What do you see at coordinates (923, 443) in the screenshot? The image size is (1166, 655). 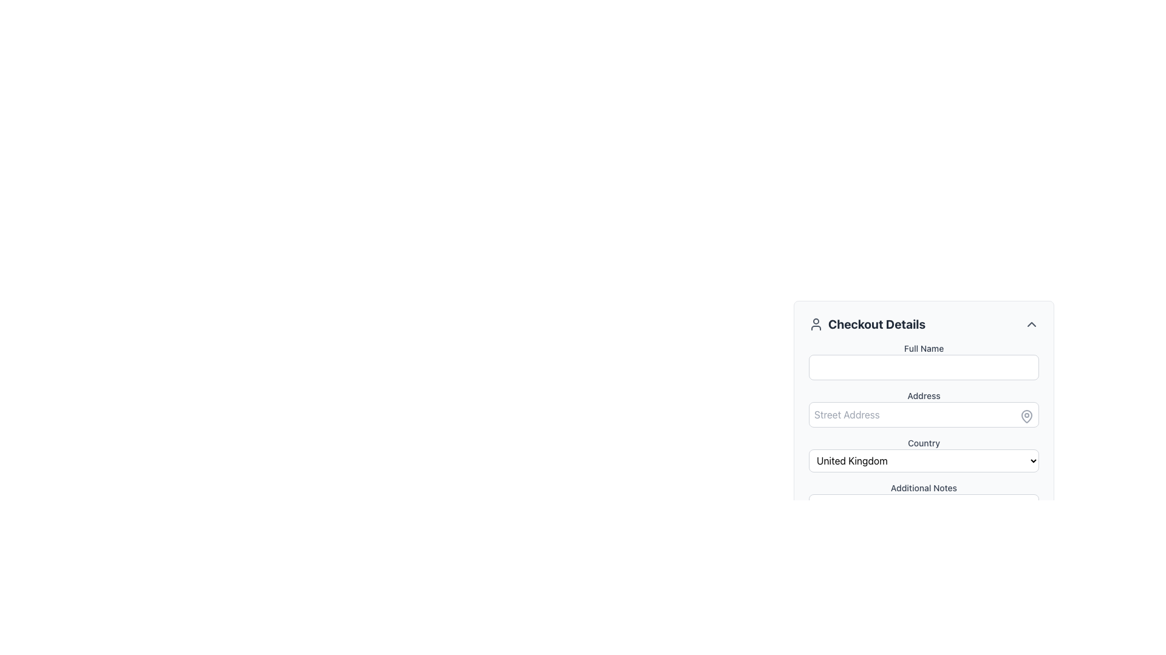 I see `the text label indicating the purpose of the dropdown field for country selection, located in the middle of the form section, centered horizontally above the dropdown menu` at bounding box center [923, 443].